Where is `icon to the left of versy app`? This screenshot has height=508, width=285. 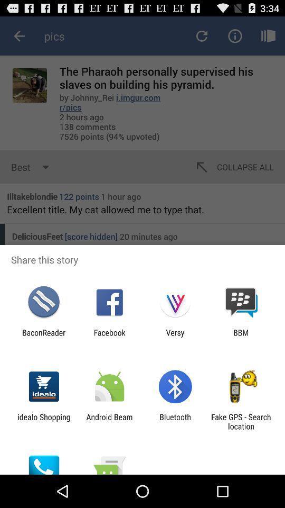 icon to the left of versy app is located at coordinates (109, 337).